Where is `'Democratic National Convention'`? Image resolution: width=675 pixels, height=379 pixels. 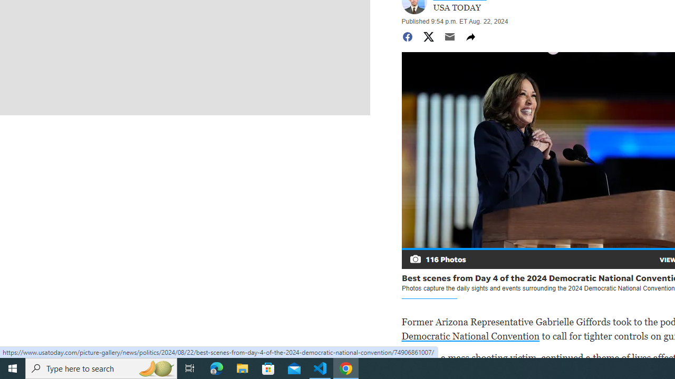 'Democratic National Convention' is located at coordinates (470, 336).